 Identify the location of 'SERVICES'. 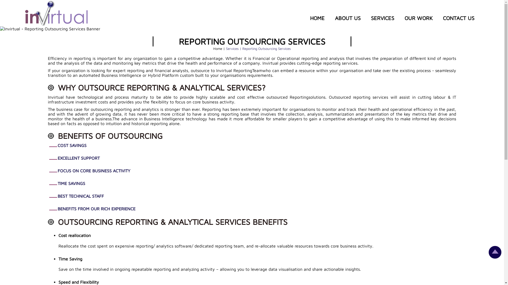
(382, 18).